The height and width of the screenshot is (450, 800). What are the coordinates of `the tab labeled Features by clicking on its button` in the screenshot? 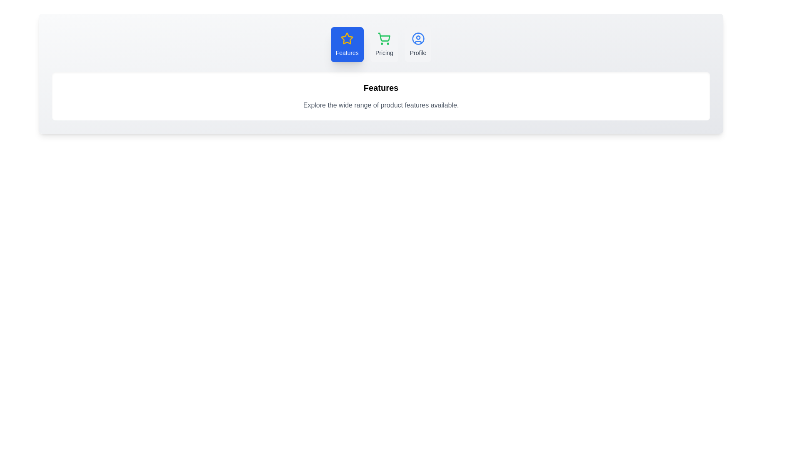 It's located at (347, 45).